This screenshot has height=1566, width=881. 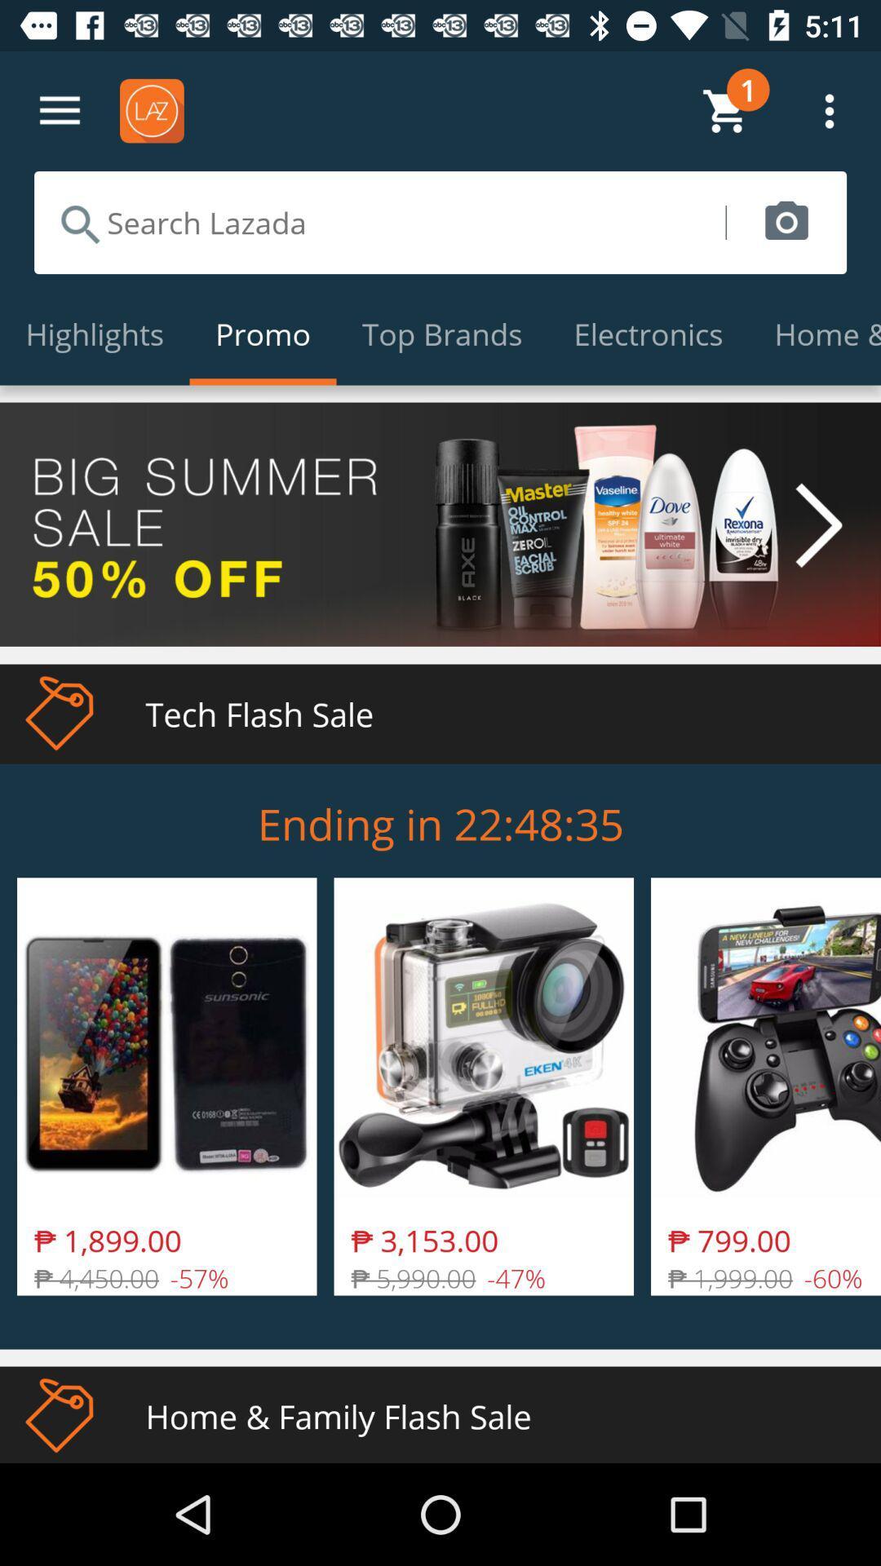 What do you see at coordinates (440, 524) in the screenshot?
I see `visit advertisement page` at bounding box center [440, 524].